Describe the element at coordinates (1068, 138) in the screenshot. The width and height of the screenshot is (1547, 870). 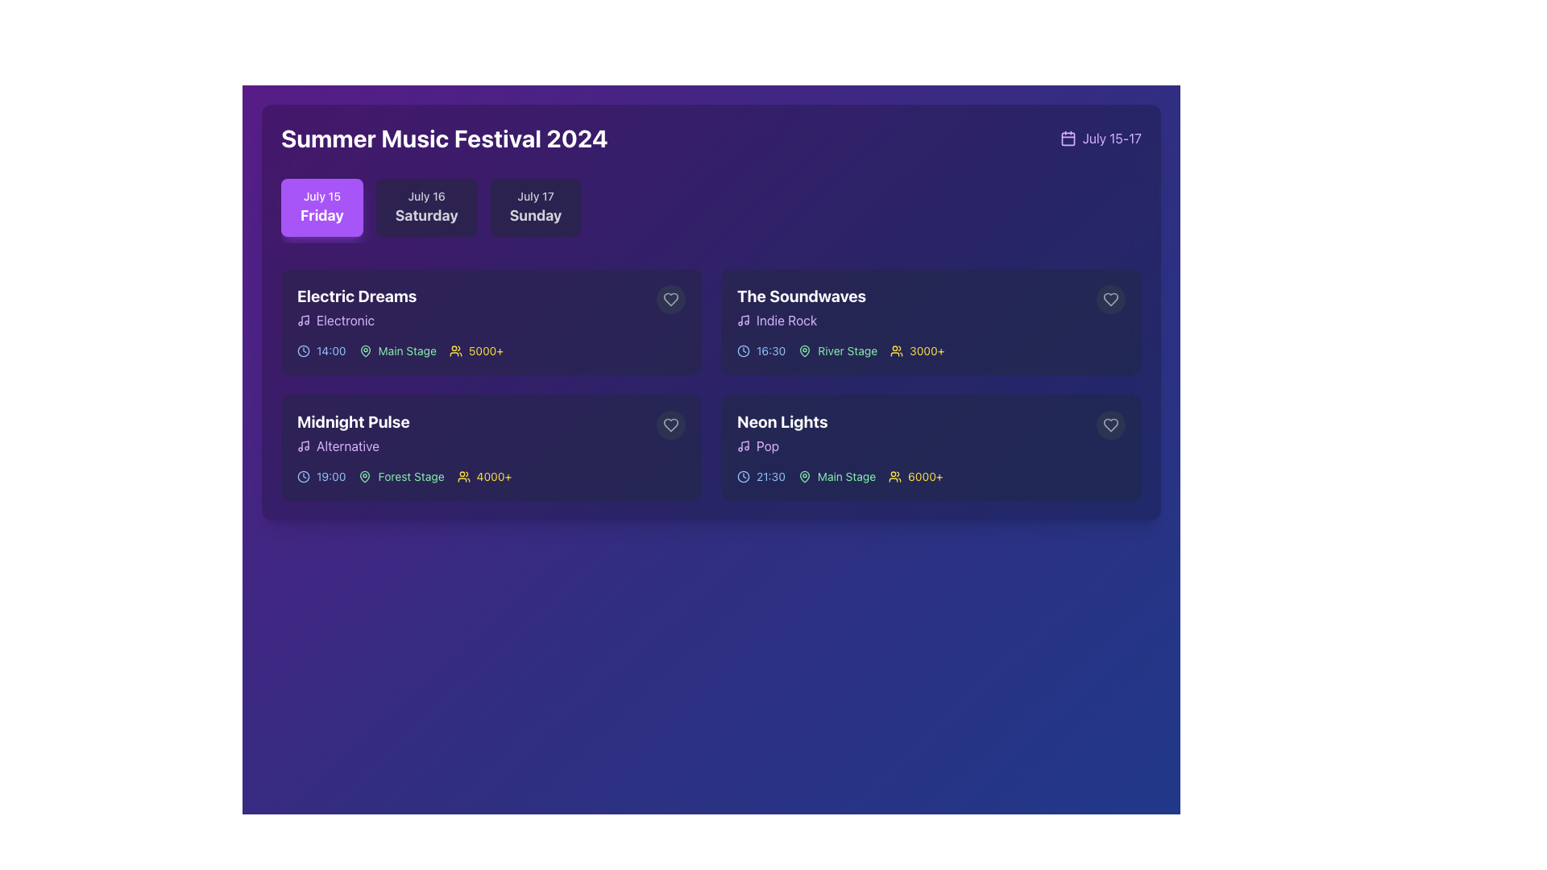
I see `the Calendar icon located at the top-right corner of the section displaying dates, which is positioned to the left of the text 'July 15-17'` at that location.